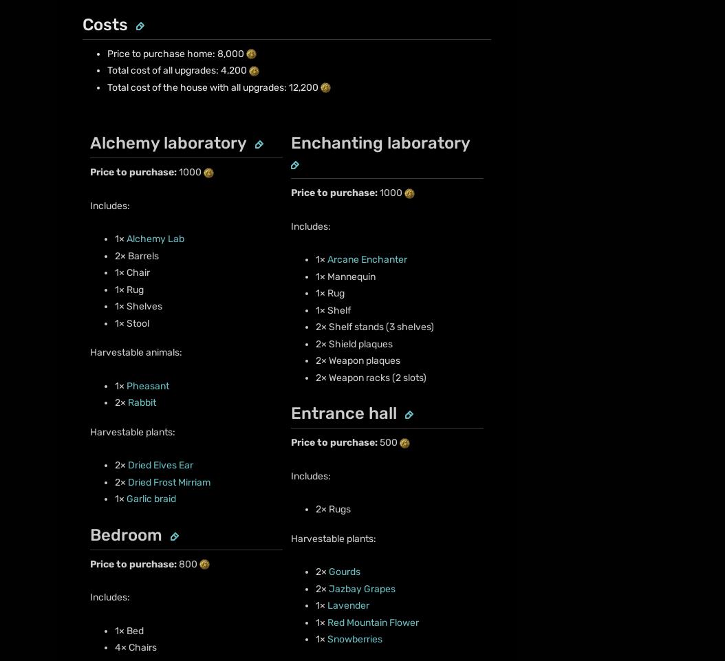 Image resolution: width=725 pixels, height=661 pixels. What do you see at coordinates (186, 567) in the screenshot?
I see `'Take your favorite fandoms with you and never miss a beat.'` at bounding box center [186, 567].